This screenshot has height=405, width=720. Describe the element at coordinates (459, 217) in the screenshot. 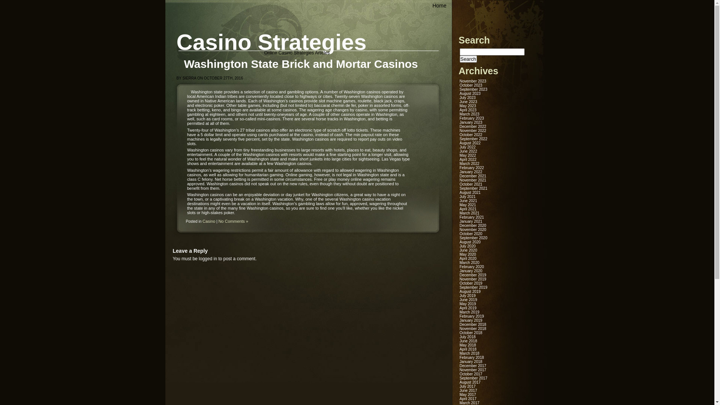

I see `'February 2021'` at that location.